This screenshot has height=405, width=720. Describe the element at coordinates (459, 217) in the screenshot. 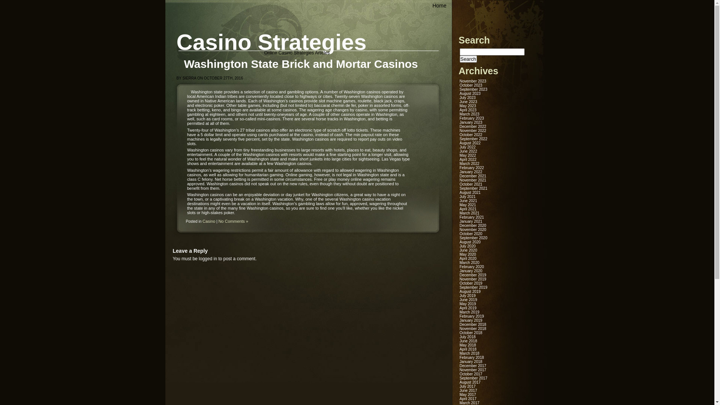

I see `'February 2021'` at that location.